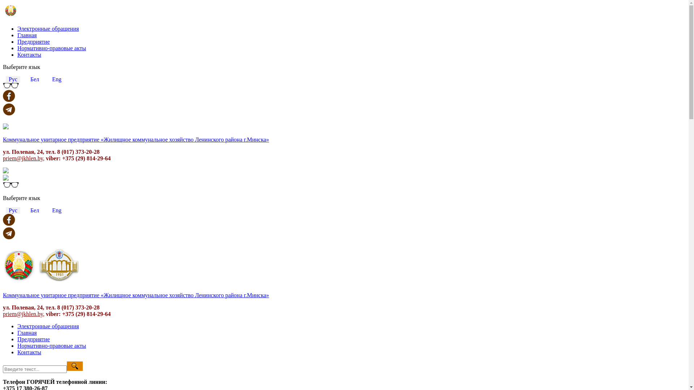 The height and width of the screenshot is (390, 694). What do you see at coordinates (56, 210) in the screenshot?
I see `'Eng'` at bounding box center [56, 210].